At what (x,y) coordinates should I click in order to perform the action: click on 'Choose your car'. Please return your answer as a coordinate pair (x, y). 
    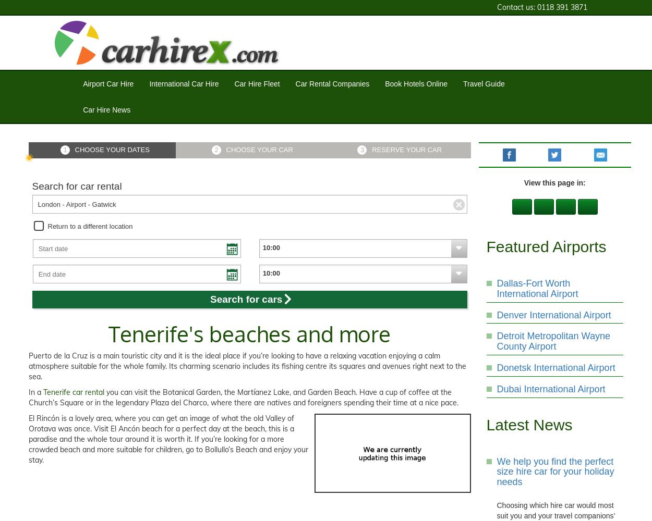
    Looking at the image, I should click on (259, 150).